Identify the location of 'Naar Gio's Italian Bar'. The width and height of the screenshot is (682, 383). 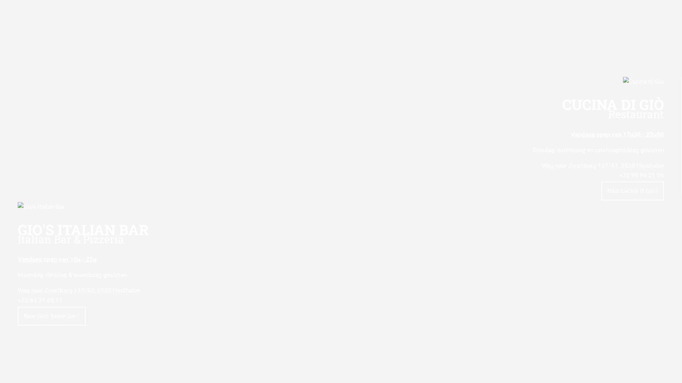
(17, 316).